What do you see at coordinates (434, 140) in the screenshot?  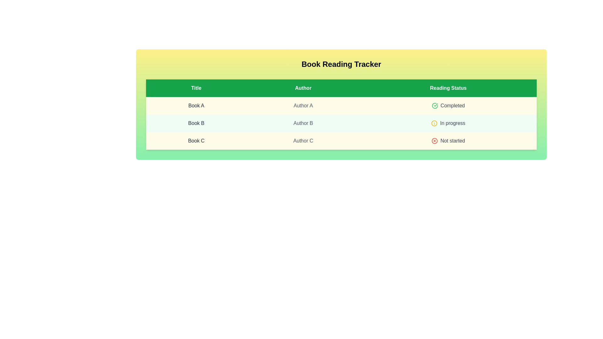 I see `the status icon for the book with the status Not started` at bounding box center [434, 140].